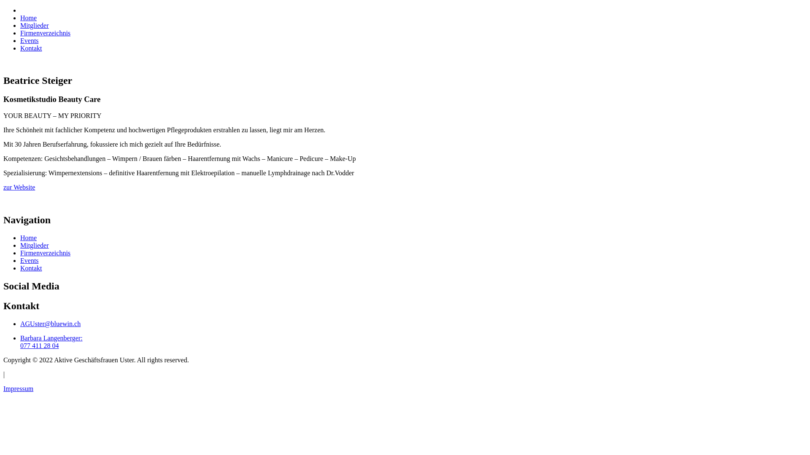 This screenshot has width=810, height=455. I want to click on 'Firmenverzeichnis', so click(45, 252).